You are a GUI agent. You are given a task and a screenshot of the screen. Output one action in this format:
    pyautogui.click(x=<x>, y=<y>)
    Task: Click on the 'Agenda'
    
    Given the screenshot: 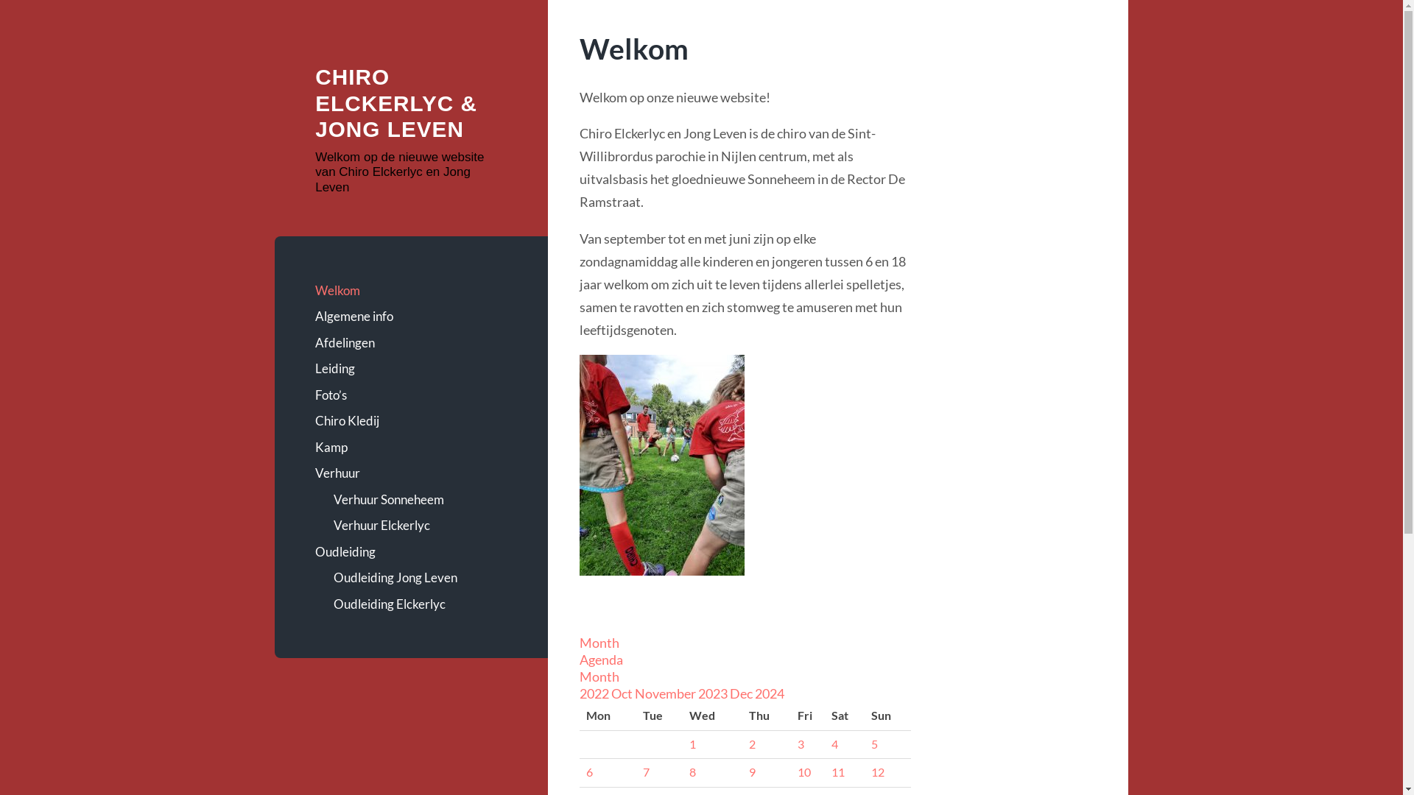 What is the action you would take?
    pyautogui.click(x=601, y=658)
    